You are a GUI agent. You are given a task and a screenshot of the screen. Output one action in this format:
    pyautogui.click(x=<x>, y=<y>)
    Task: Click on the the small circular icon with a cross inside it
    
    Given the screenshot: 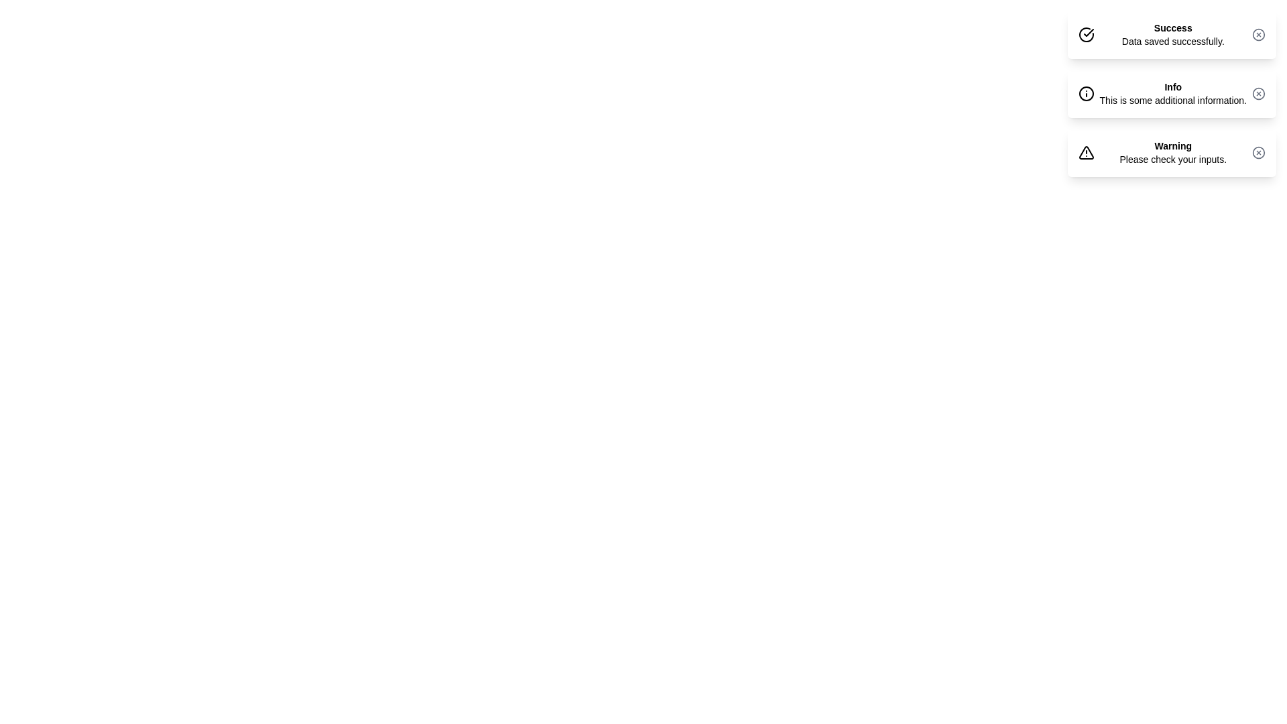 What is the action you would take?
    pyautogui.click(x=1258, y=93)
    